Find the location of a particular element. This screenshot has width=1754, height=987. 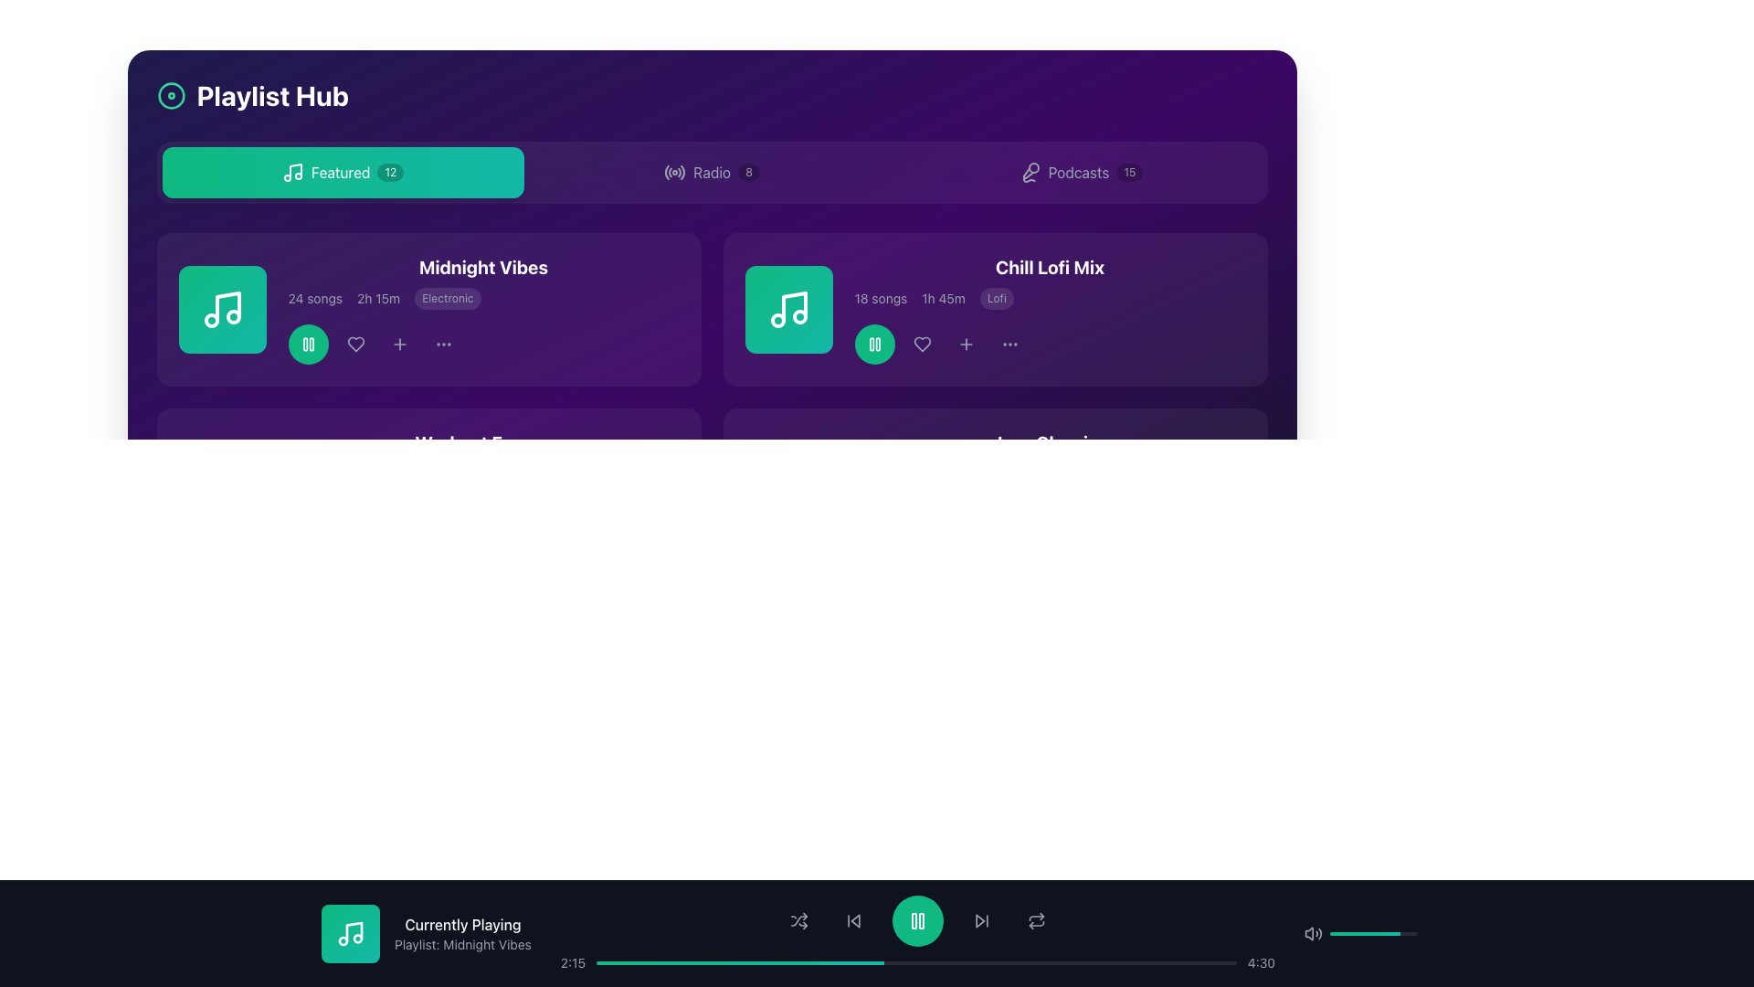

text content of the static label that displays 'Playlist: Midnight Vibes', which is located beneath the 'Currently Playing' heading in the music player interface is located at coordinates (462, 944).